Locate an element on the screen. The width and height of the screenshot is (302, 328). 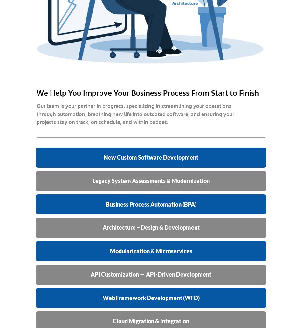
'Business Process Automation (BPA)' is located at coordinates (150, 204).